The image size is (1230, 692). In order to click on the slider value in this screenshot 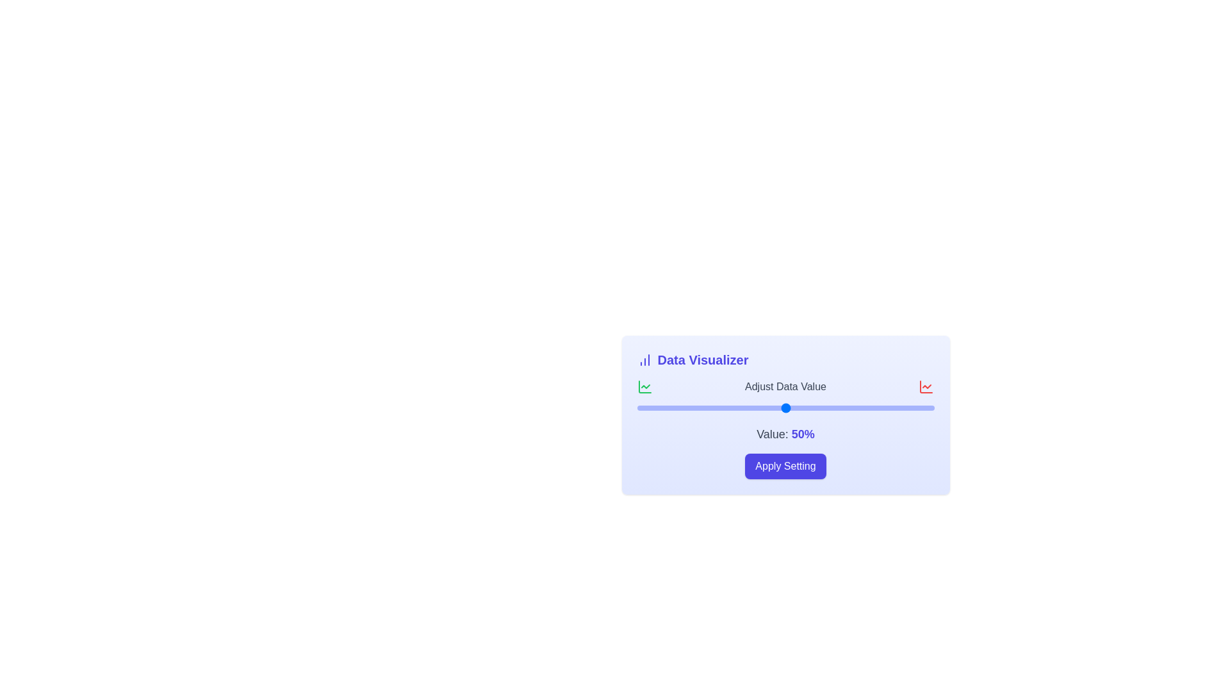, I will do `click(928, 408)`.